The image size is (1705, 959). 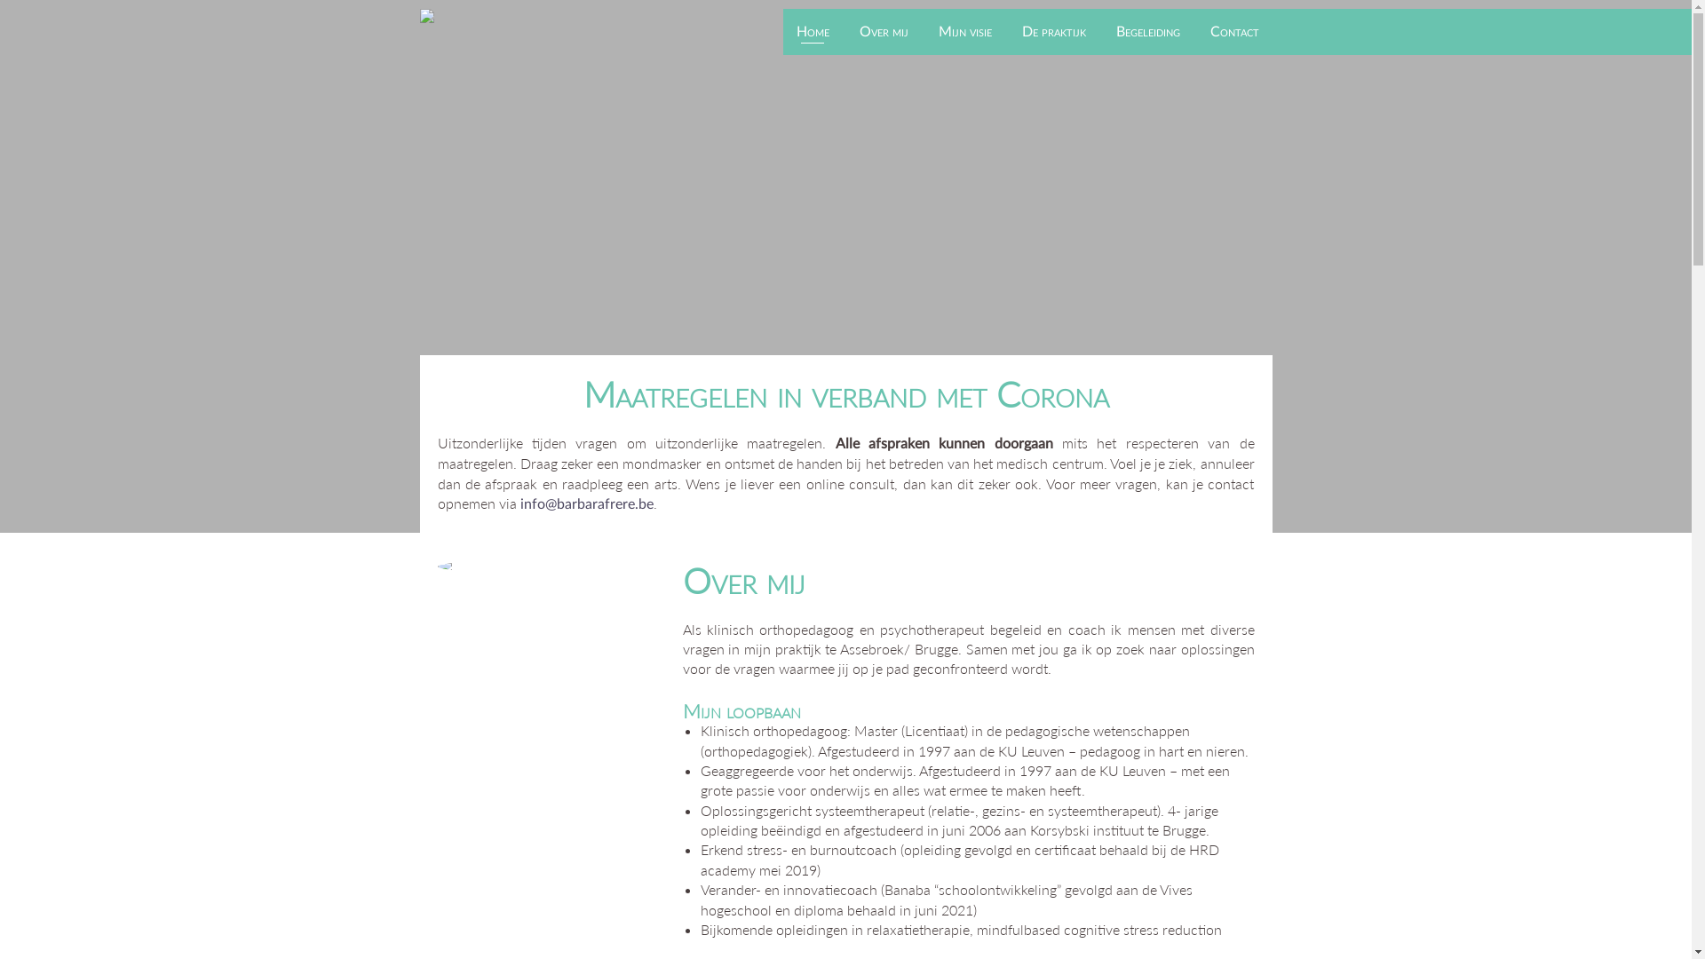 I want to click on 'Over mij', so click(x=883, y=31).